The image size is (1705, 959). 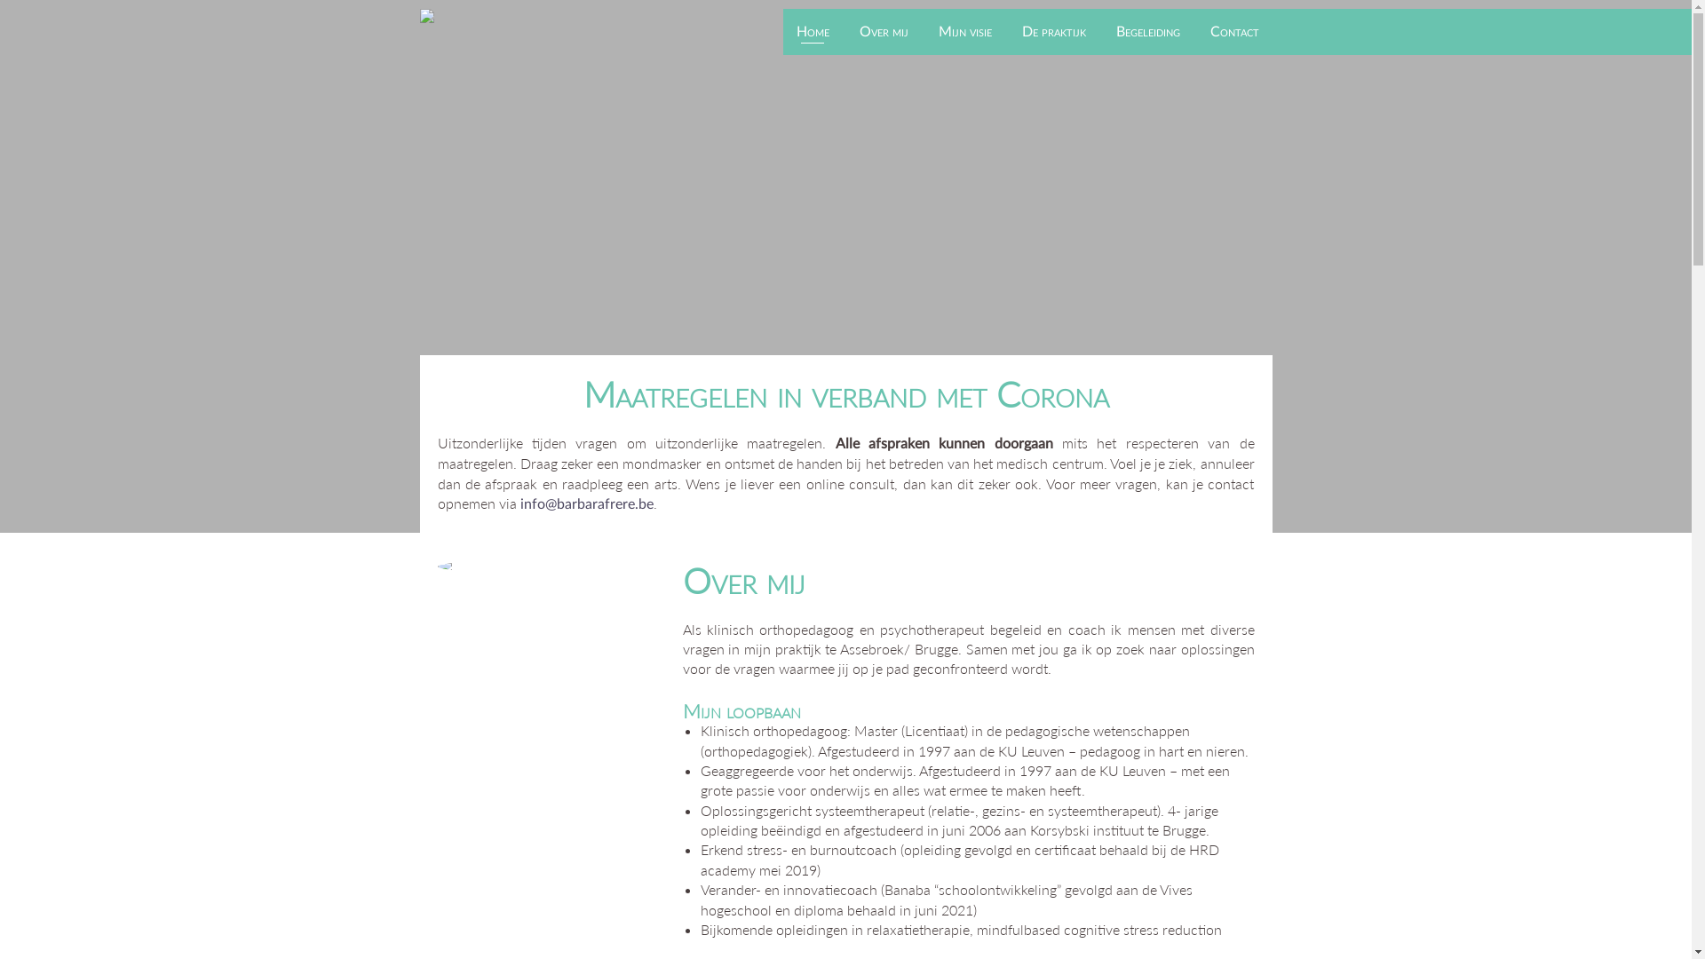 I want to click on 'Over mij', so click(x=883, y=31).